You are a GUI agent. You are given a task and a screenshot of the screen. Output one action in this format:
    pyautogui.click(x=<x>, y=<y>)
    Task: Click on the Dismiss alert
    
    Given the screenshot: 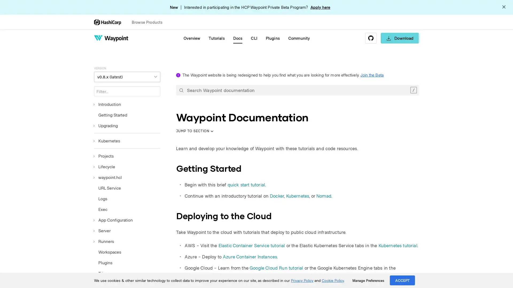 What is the action you would take?
    pyautogui.click(x=504, y=7)
    